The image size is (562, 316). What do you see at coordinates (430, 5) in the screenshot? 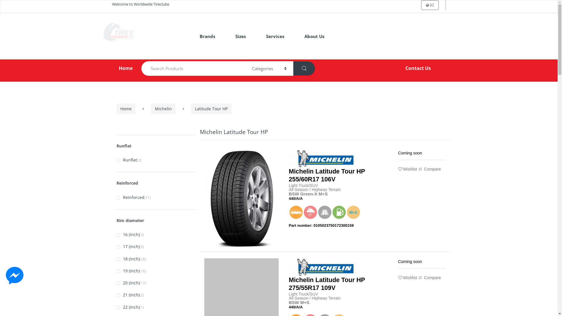
I see `'BZ'` at bounding box center [430, 5].